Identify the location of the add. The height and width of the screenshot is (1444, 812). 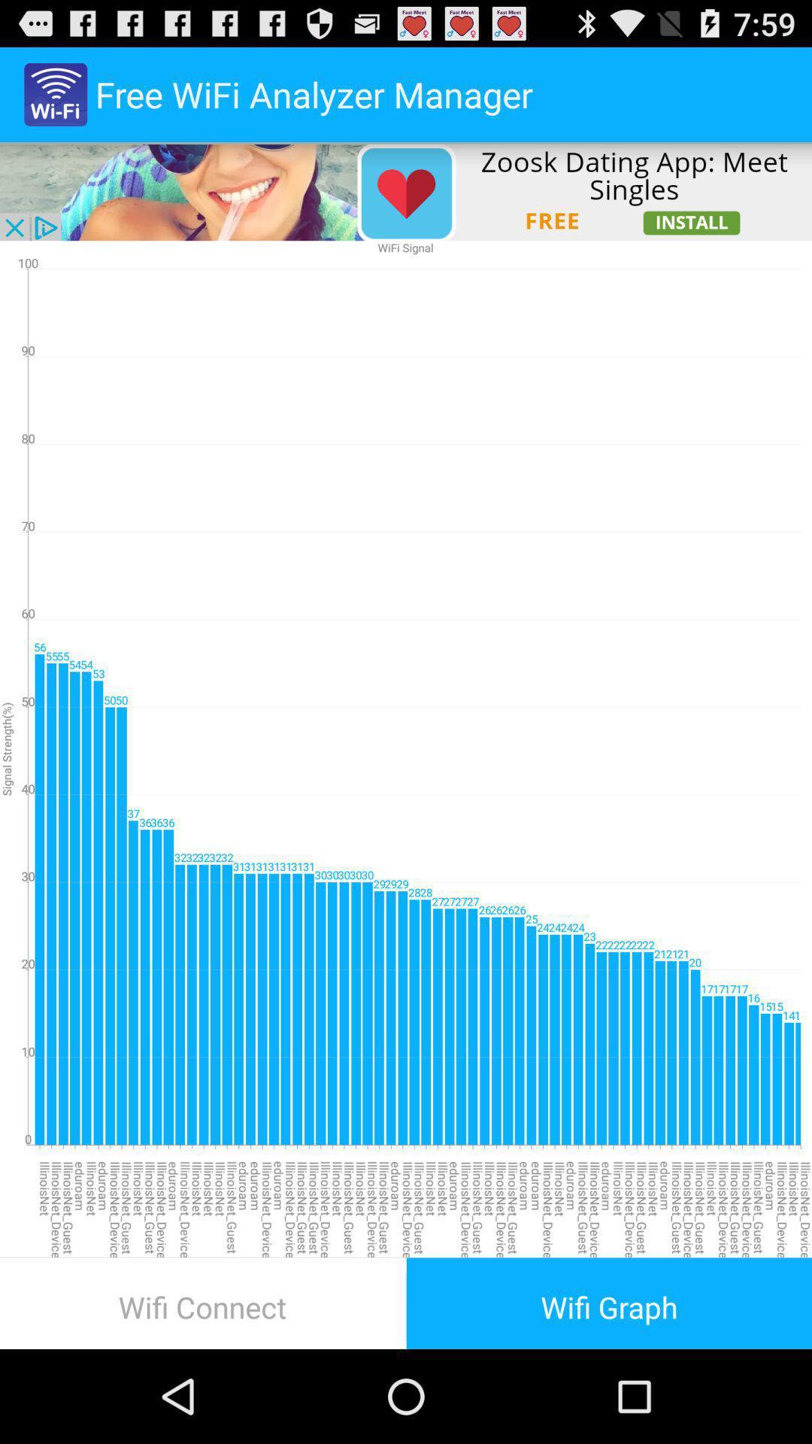
(406, 190).